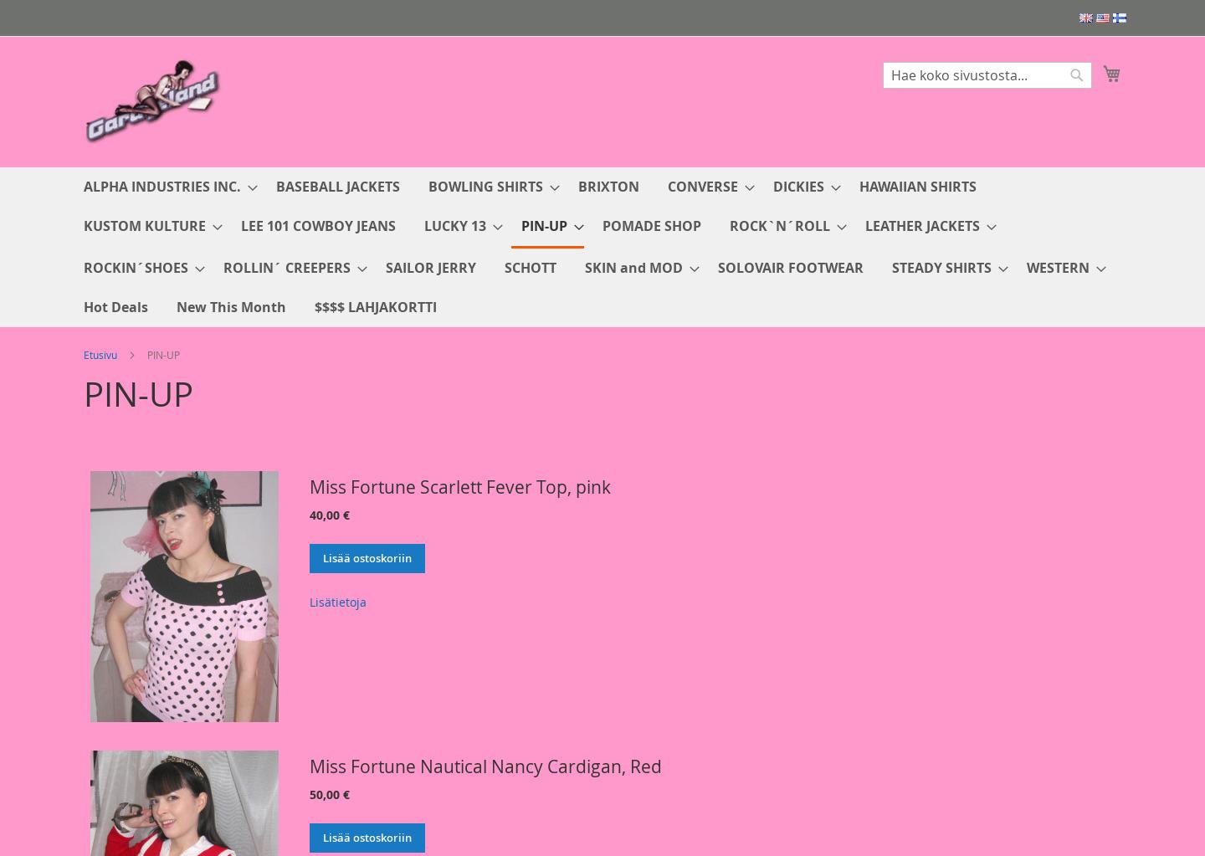  Describe the element at coordinates (859, 186) in the screenshot. I see `'HAWAIIAN SHIRTS'` at that location.